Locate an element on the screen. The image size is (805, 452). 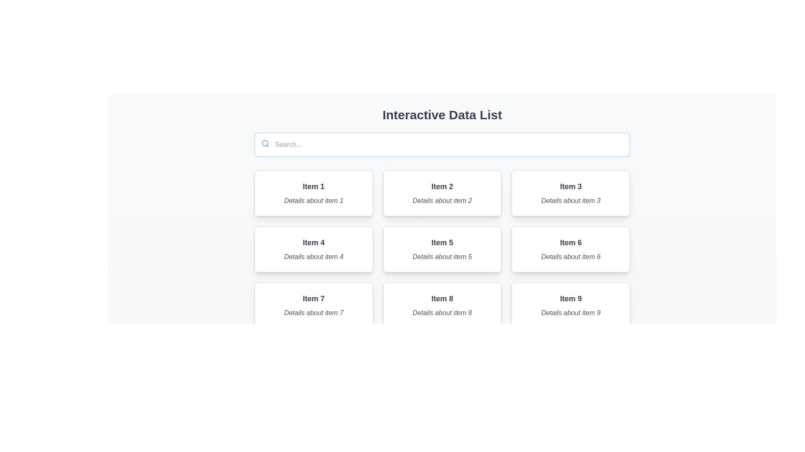
the text label reading 'Item 5', which is styled in bold and dark gray, located at the top of the rectangular card in the center row and middle column of a 3x3 grid layout is located at coordinates (442, 242).